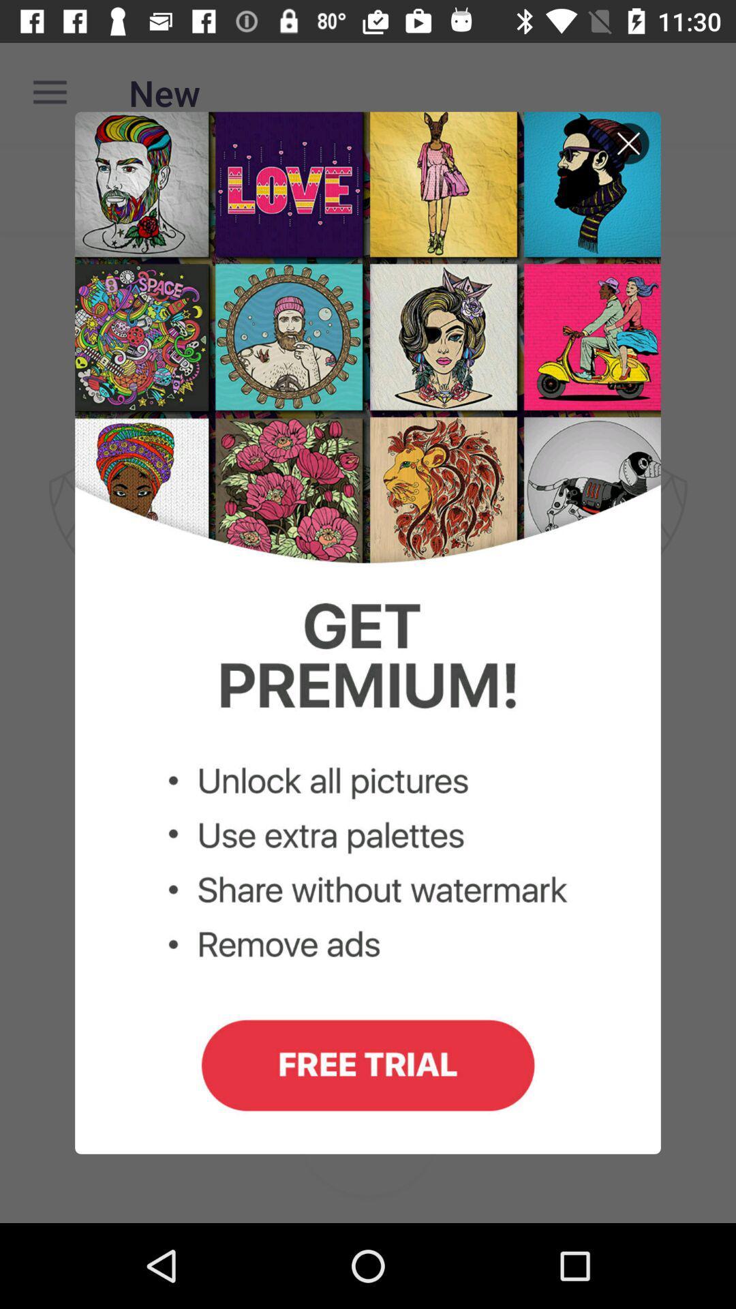 Image resolution: width=736 pixels, height=1309 pixels. What do you see at coordinates (628, 143) in the screenshot?
I see `exit` at bounding box center [628, 143].